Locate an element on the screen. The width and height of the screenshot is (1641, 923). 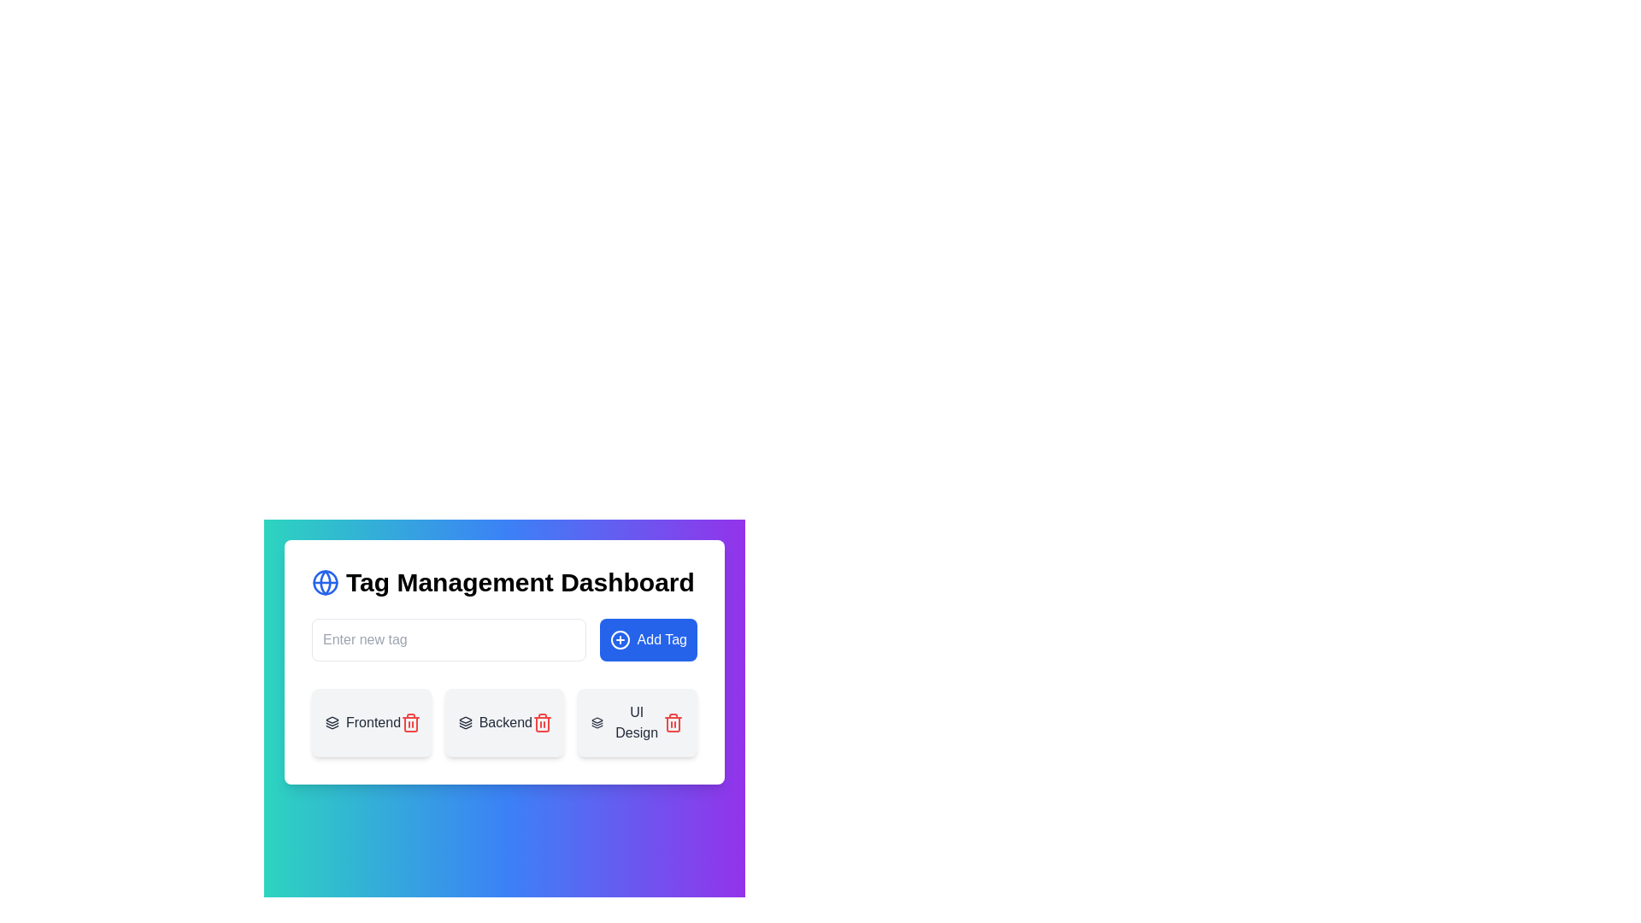
the circular iconographic element located at the center-right of the 'Add Tag' button, which has a blue stroke and white fill is located at coordinates (619, 639).